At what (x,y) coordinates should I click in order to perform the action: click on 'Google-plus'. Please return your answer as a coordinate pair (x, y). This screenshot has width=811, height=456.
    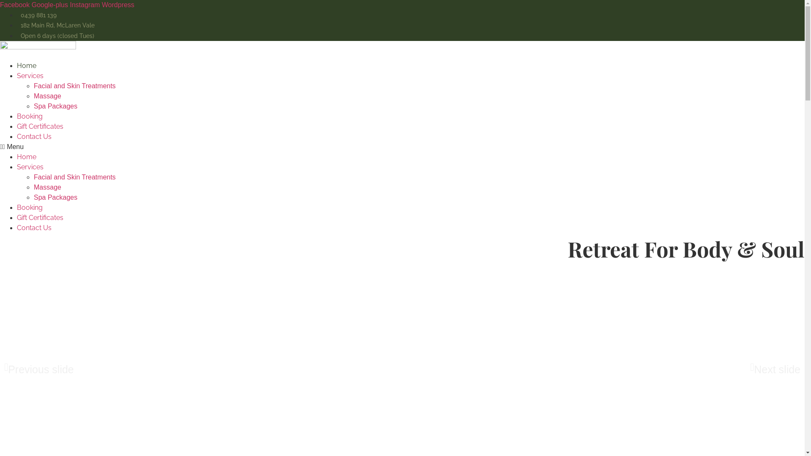
    Looking at the image, I should click on (50, 5).